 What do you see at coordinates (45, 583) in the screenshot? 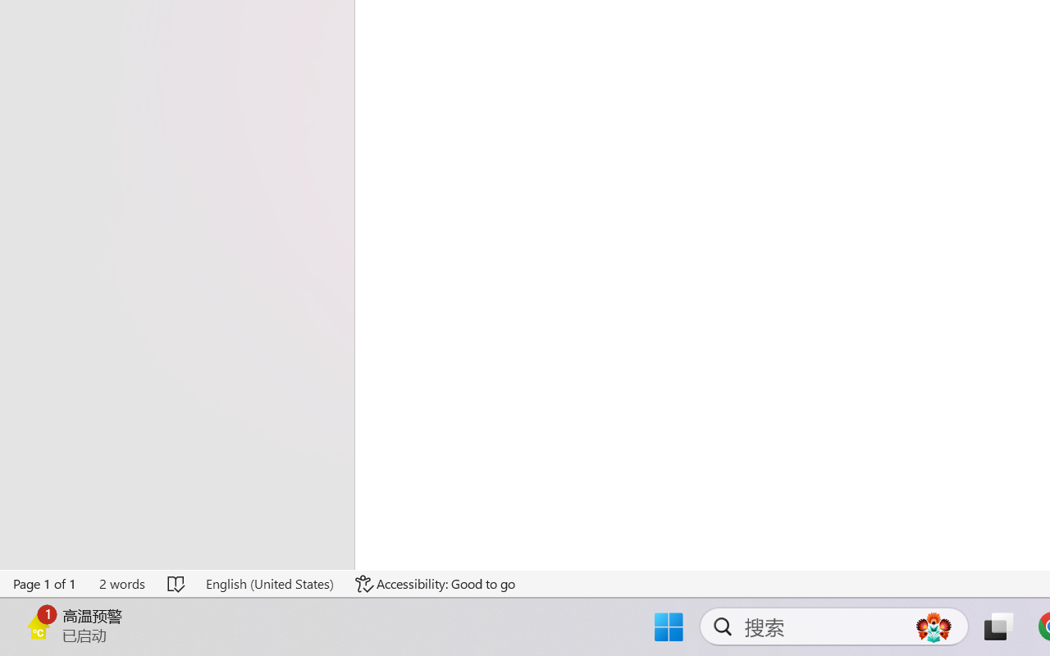
I see `'Page Number Page 1 of 1'` at bounding box center [45, 583].